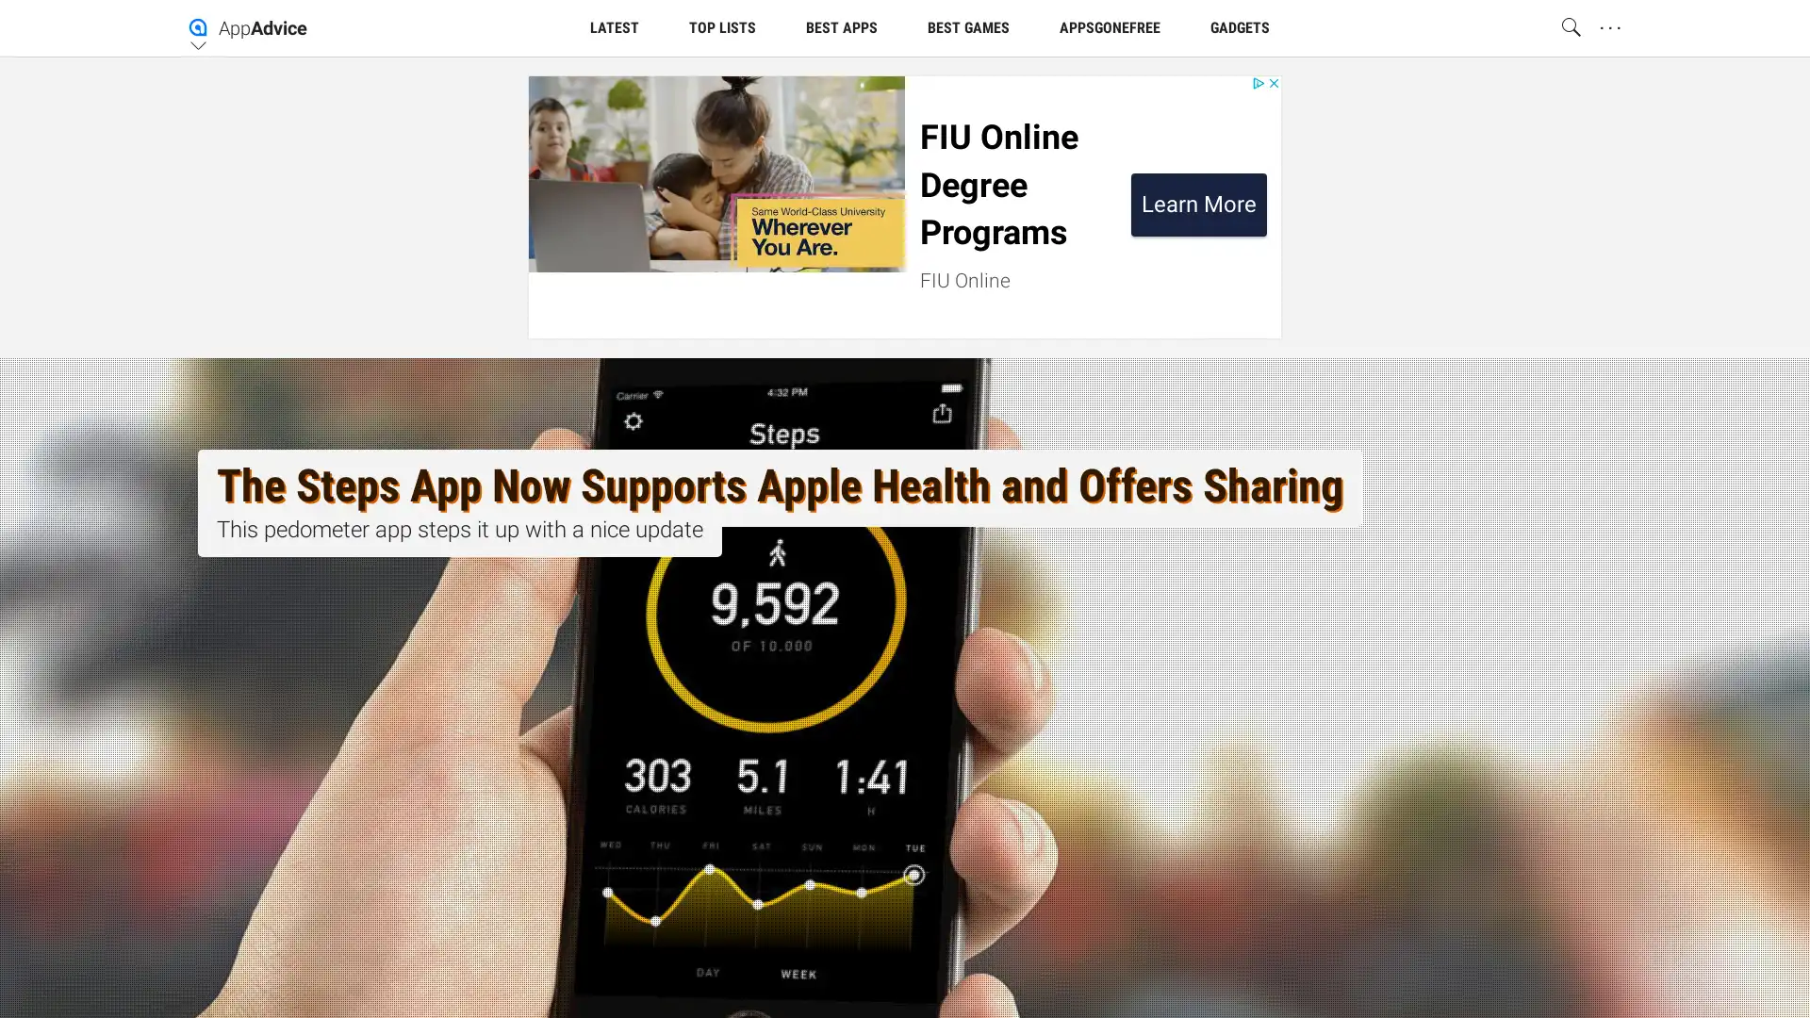 The height and width of the screenshot is (1018, 1810). Describe the element at coordinates (632, 177) in the screenshot. I see `Articles` at that location.